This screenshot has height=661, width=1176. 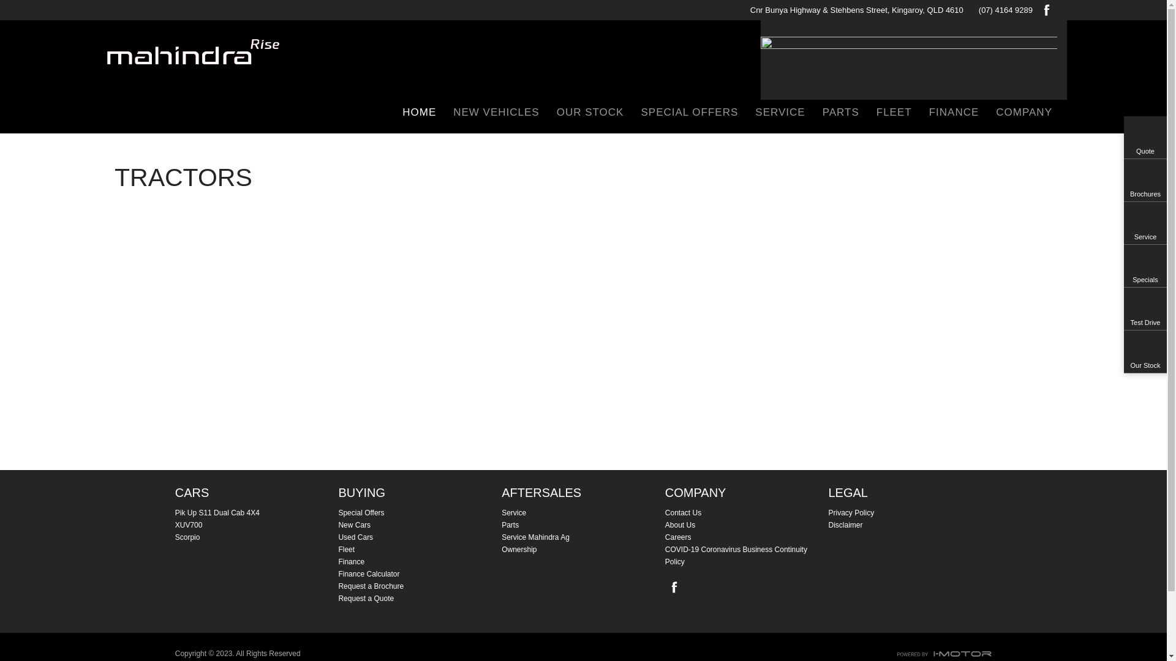 What do you see at coordinates (420, 524) in the screenshot?
I see `'New Cars'` at bounding box center [420, 524].